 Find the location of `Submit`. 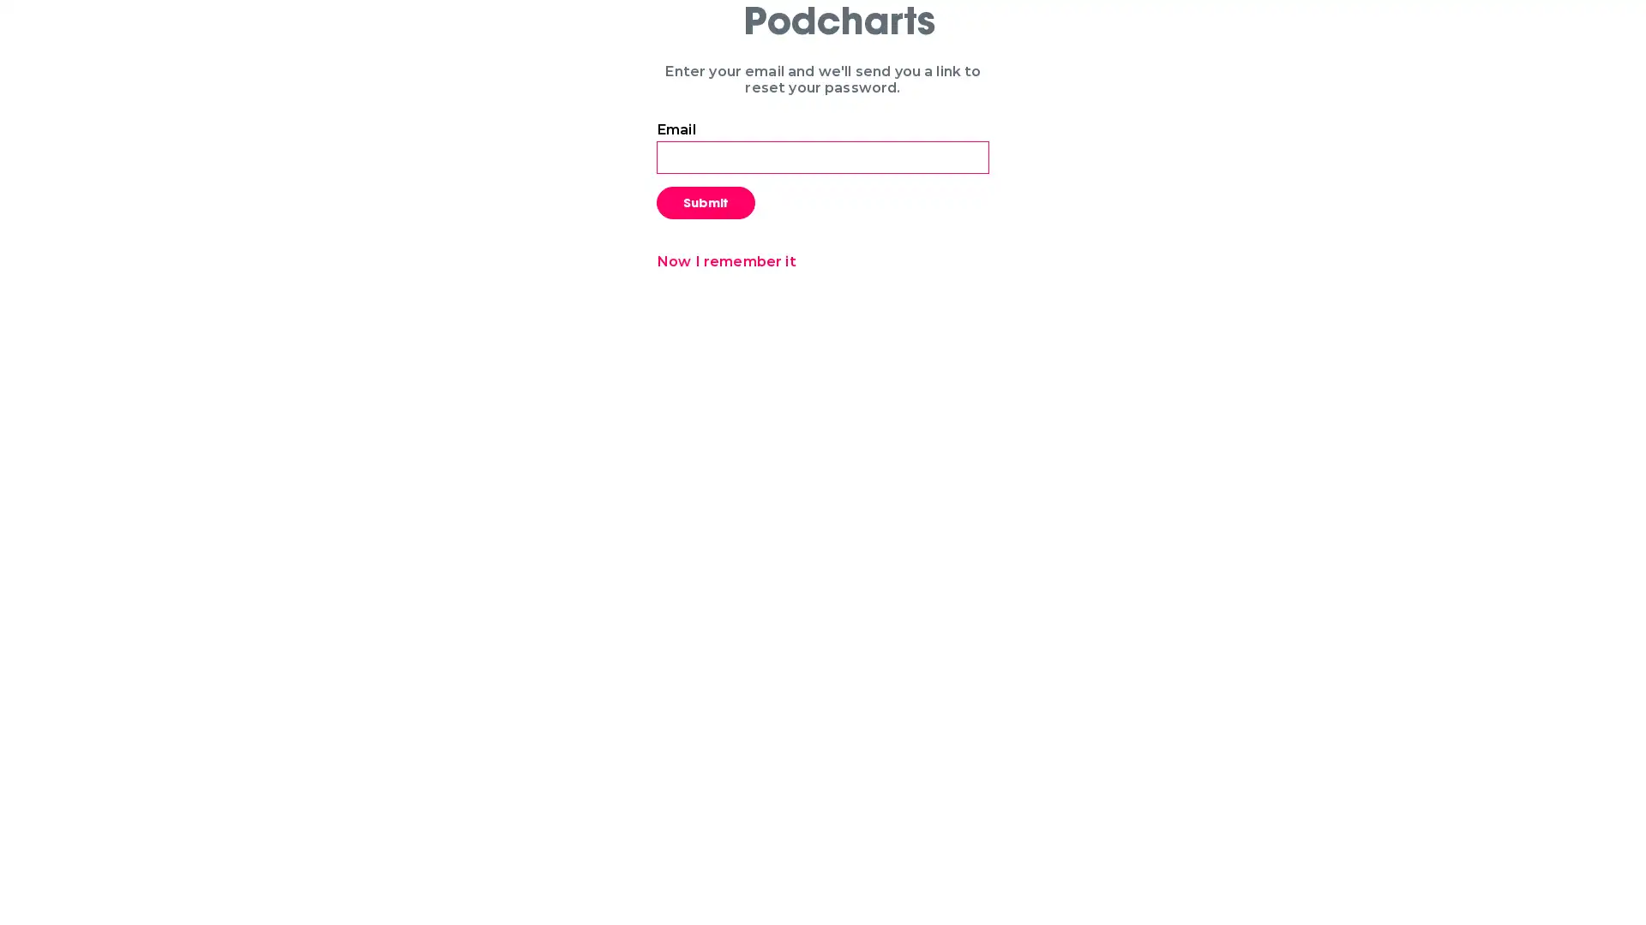

Submit is located at coordinates (706, 200).